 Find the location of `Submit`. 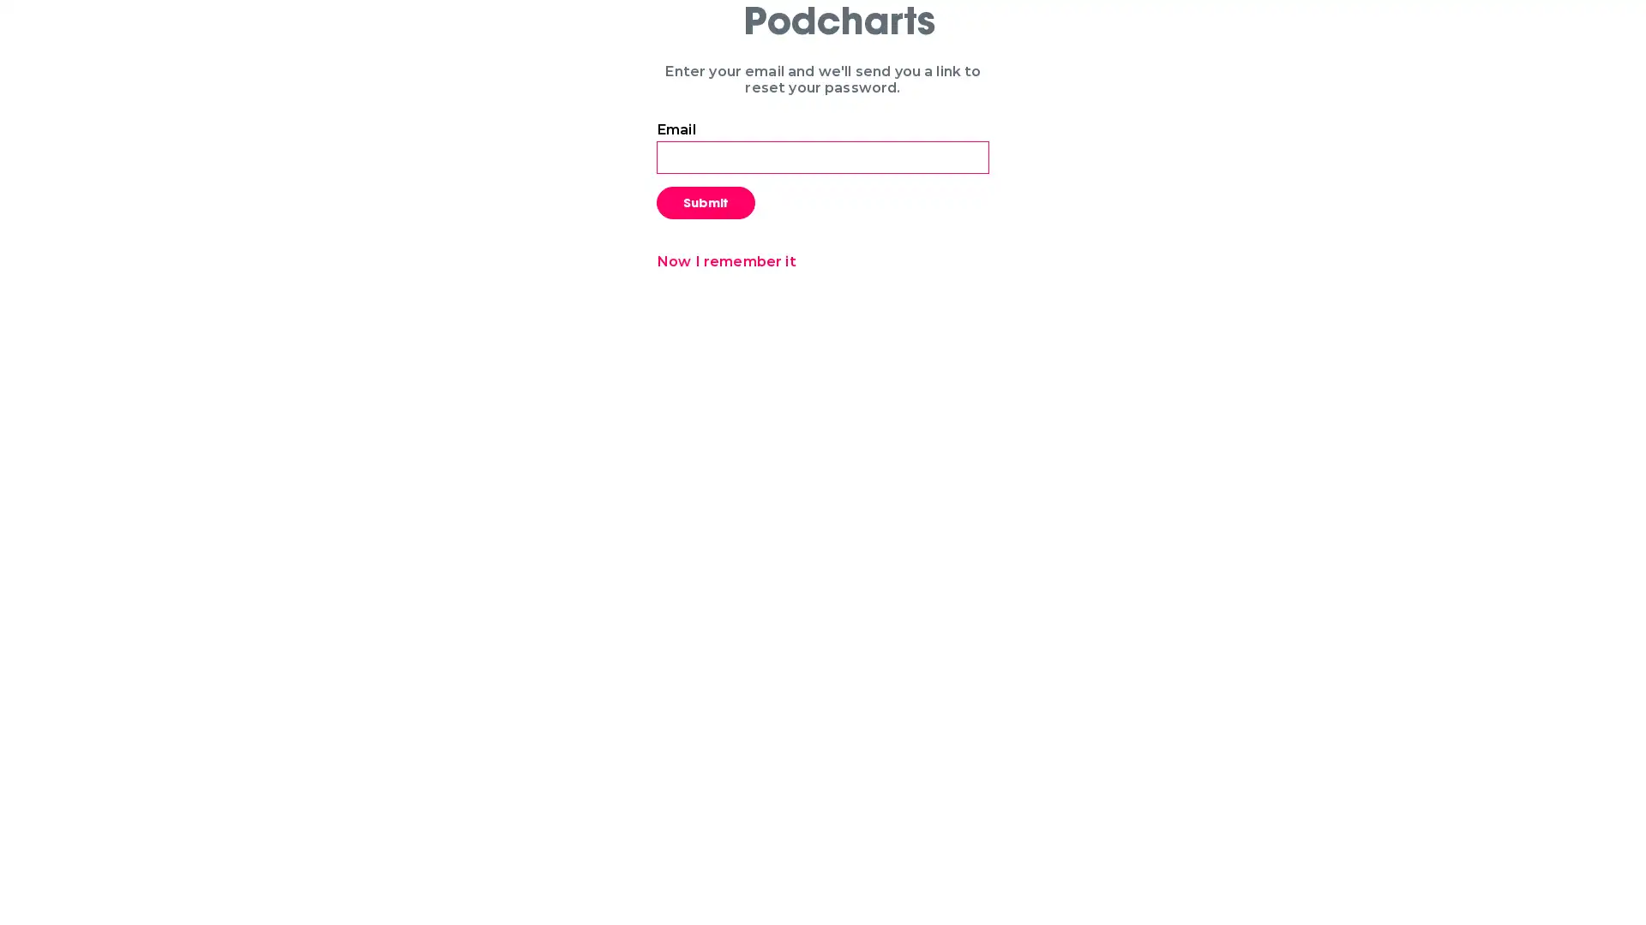

Submit is located at coordinates (706, 200).